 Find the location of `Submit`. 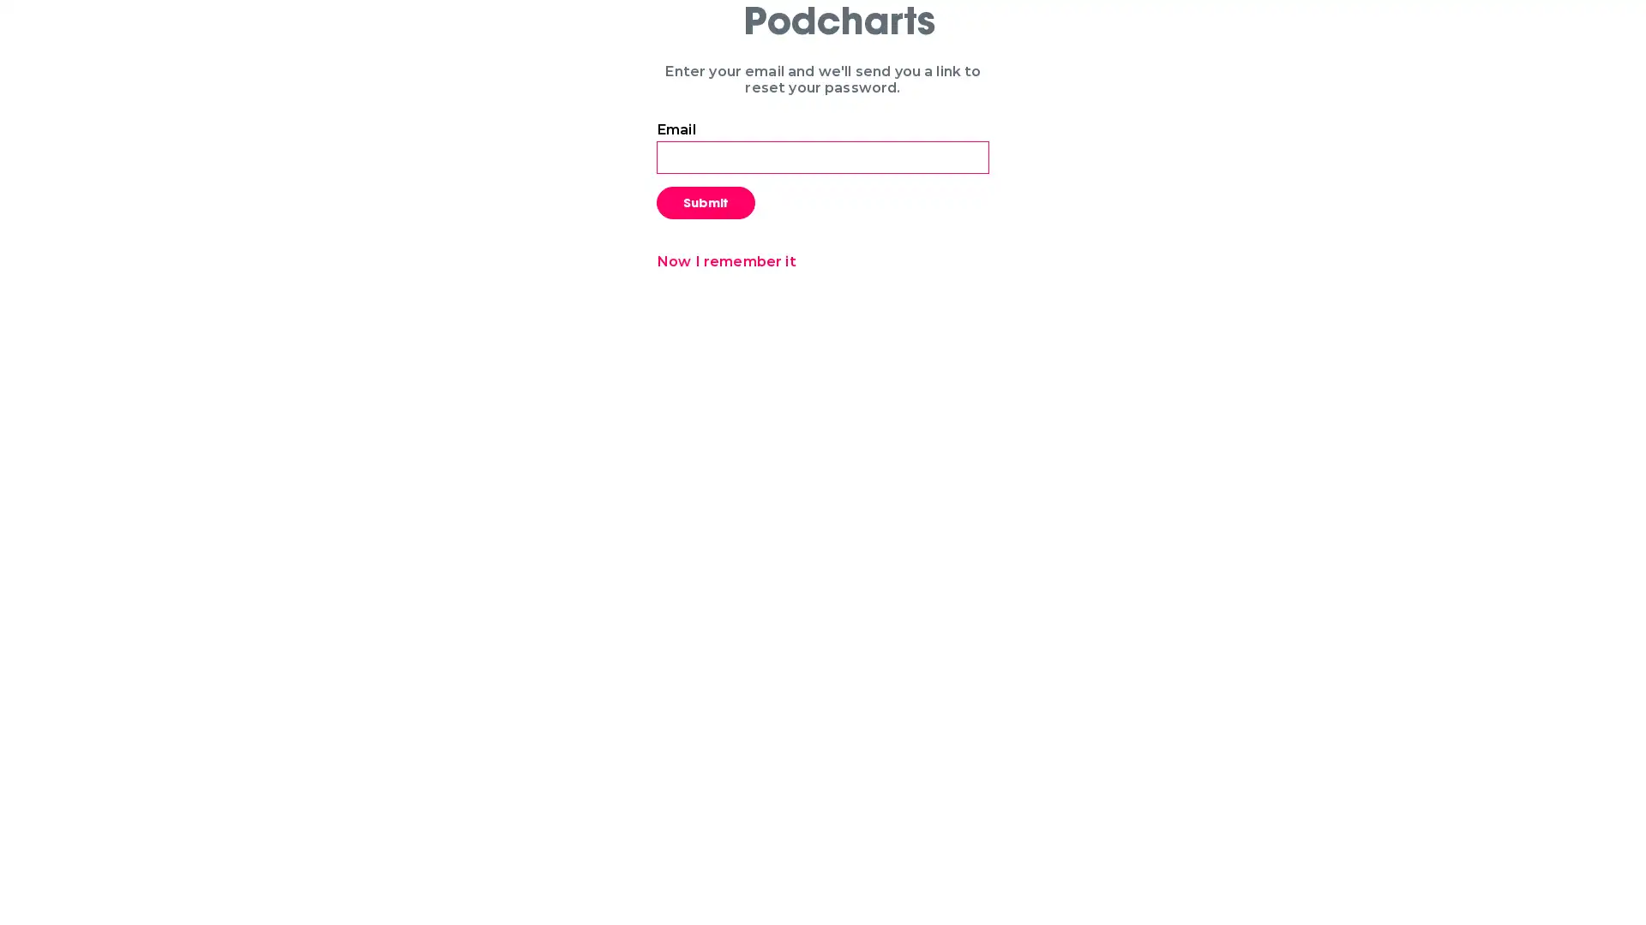

Submit is located at coordinates (706, 200).